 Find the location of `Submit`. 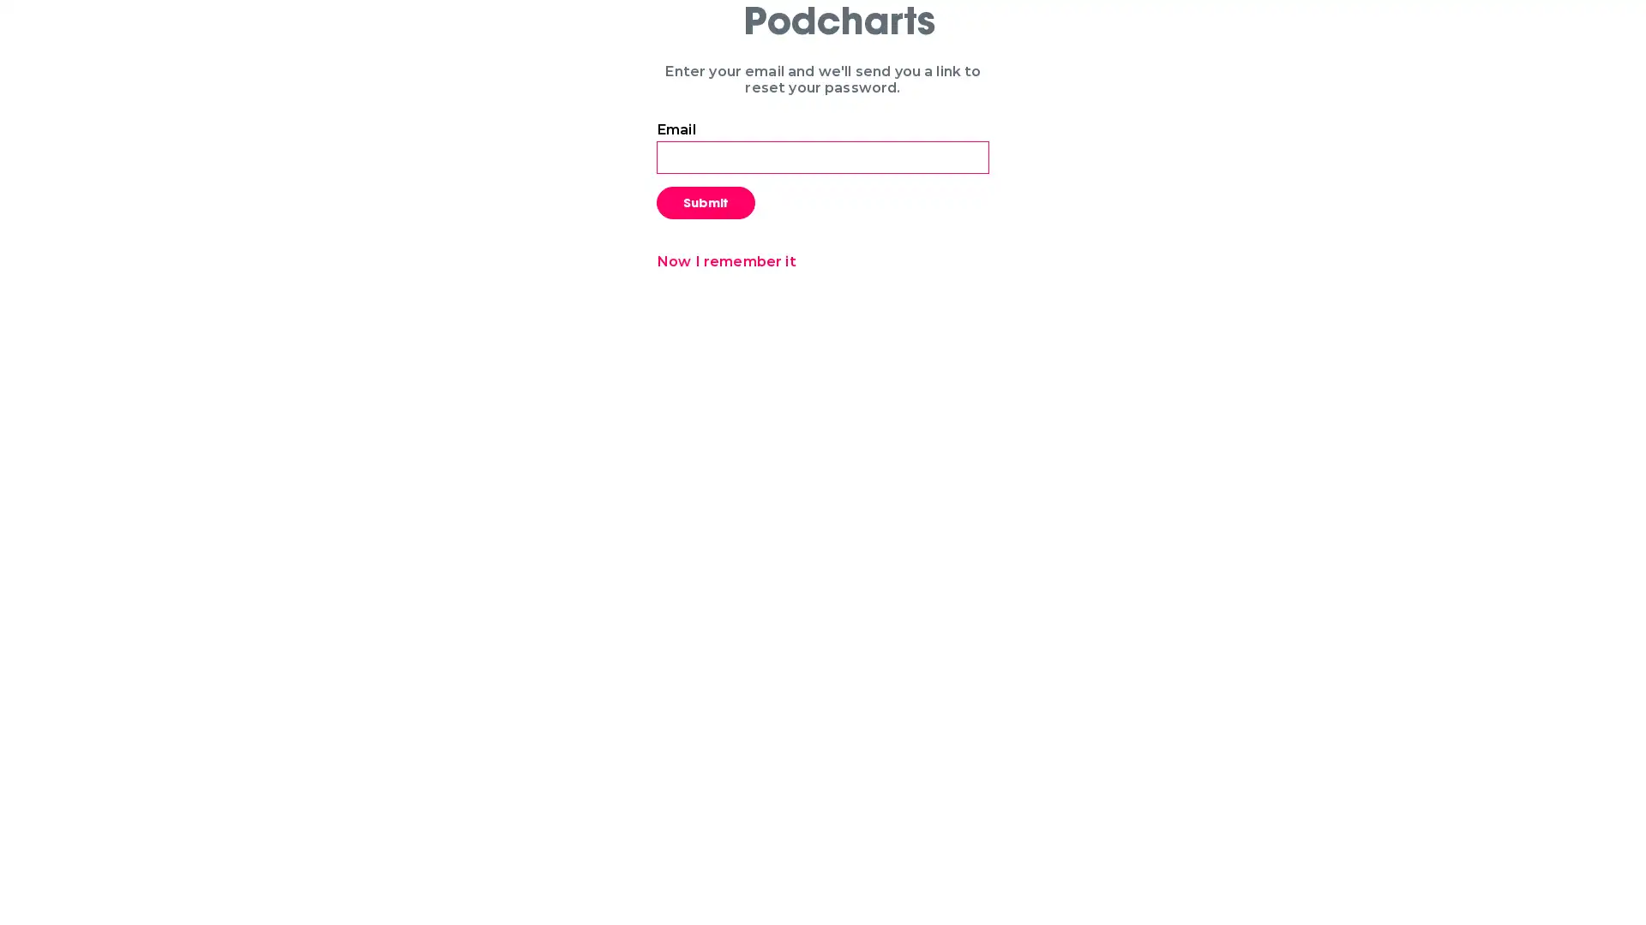

Submit is located at coordinates (706, 200).